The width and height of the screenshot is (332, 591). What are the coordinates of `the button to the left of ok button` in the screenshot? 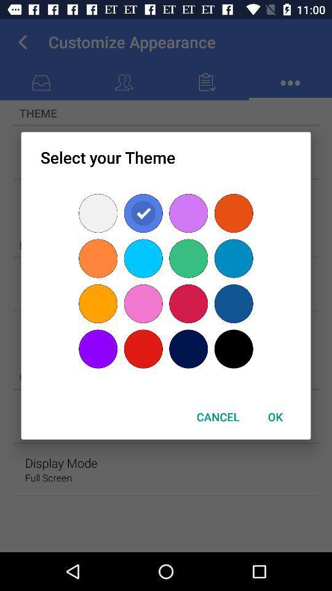 It's located at (217, 417).